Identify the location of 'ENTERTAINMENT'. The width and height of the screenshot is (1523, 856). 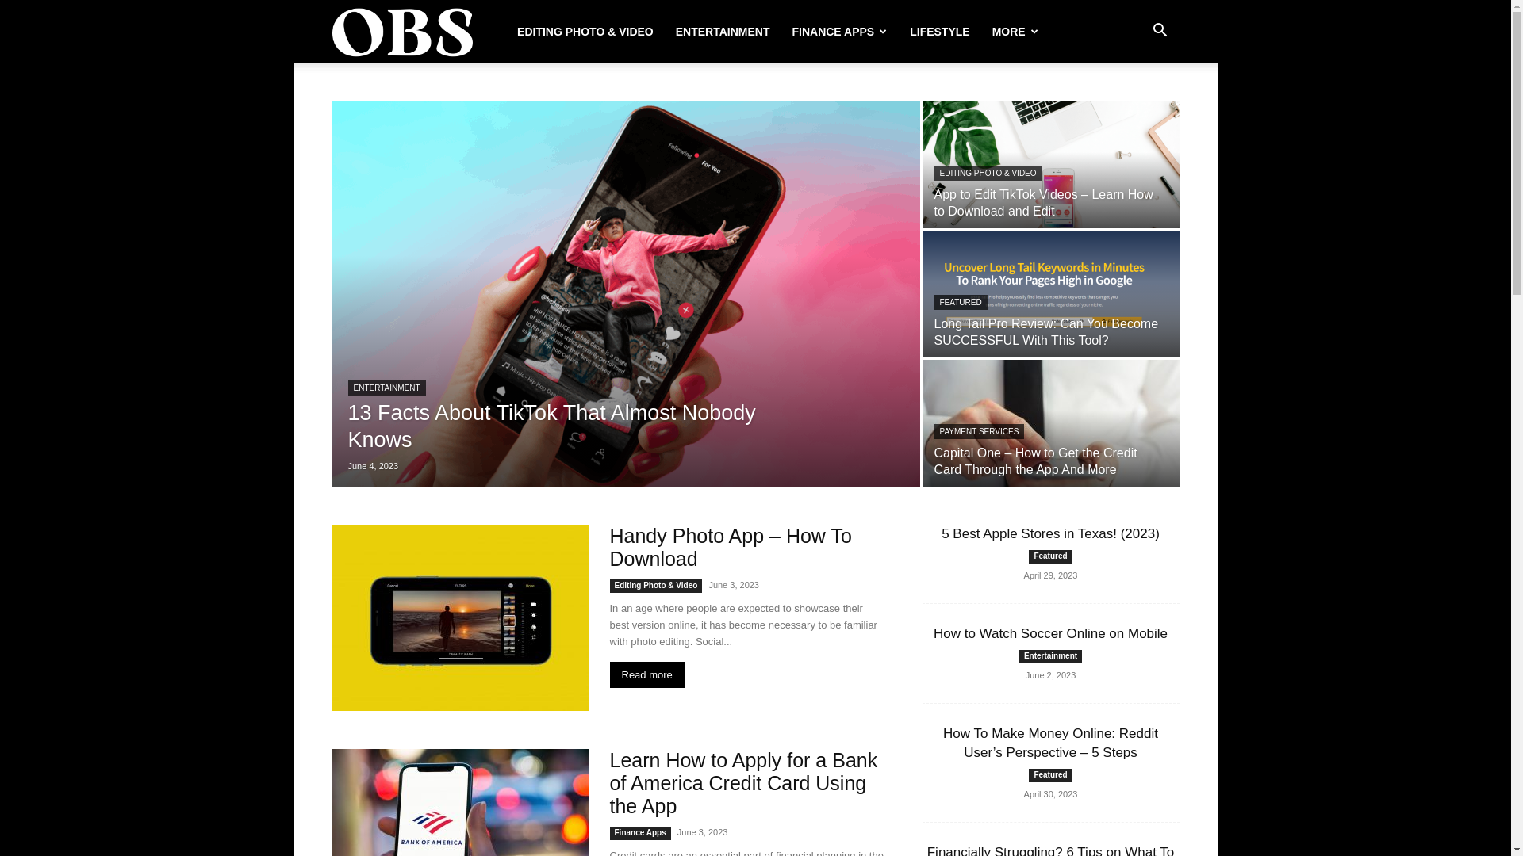
(386, 388).